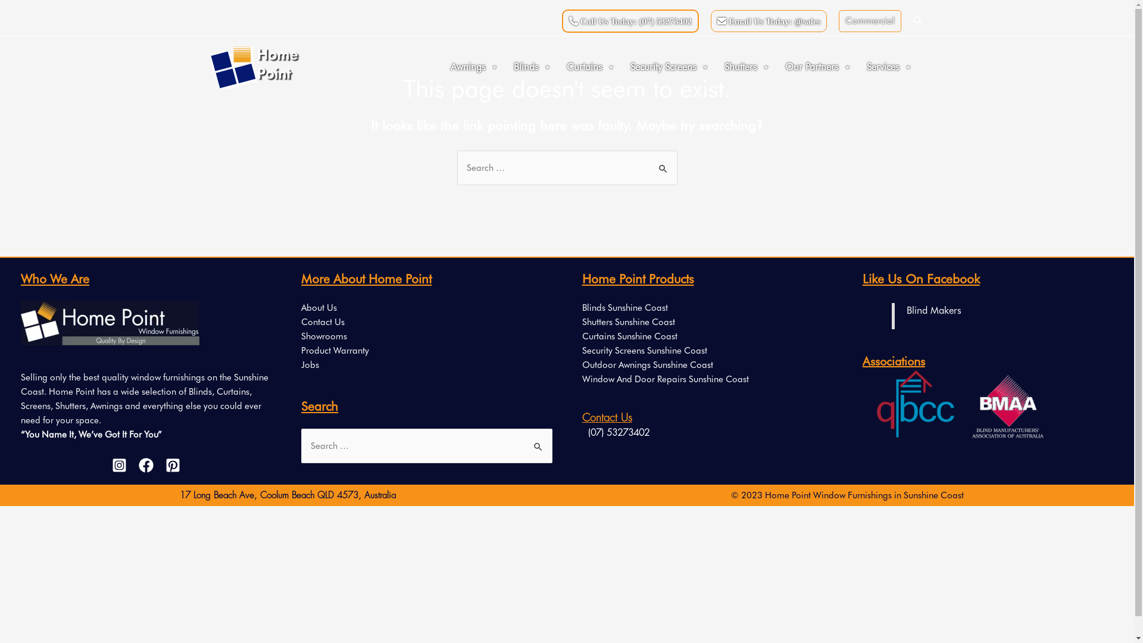 This screenshot has height=643, width=1143. Describe the element at coordinates (644, 350) in the screenshot. I see `'Security Screens Sunshine Coast'` at that location.